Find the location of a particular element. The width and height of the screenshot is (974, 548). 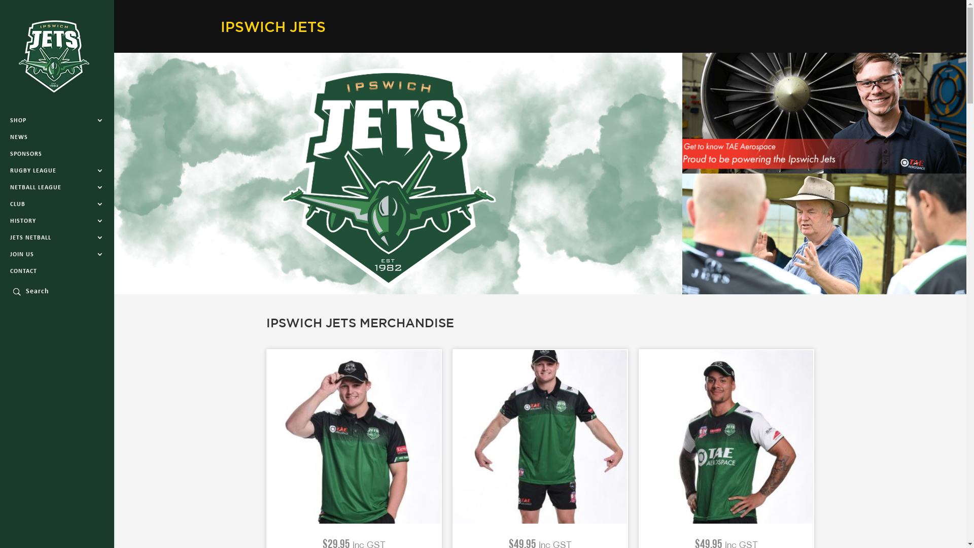

'SPONSORS' is located at coordinates (56, 154).